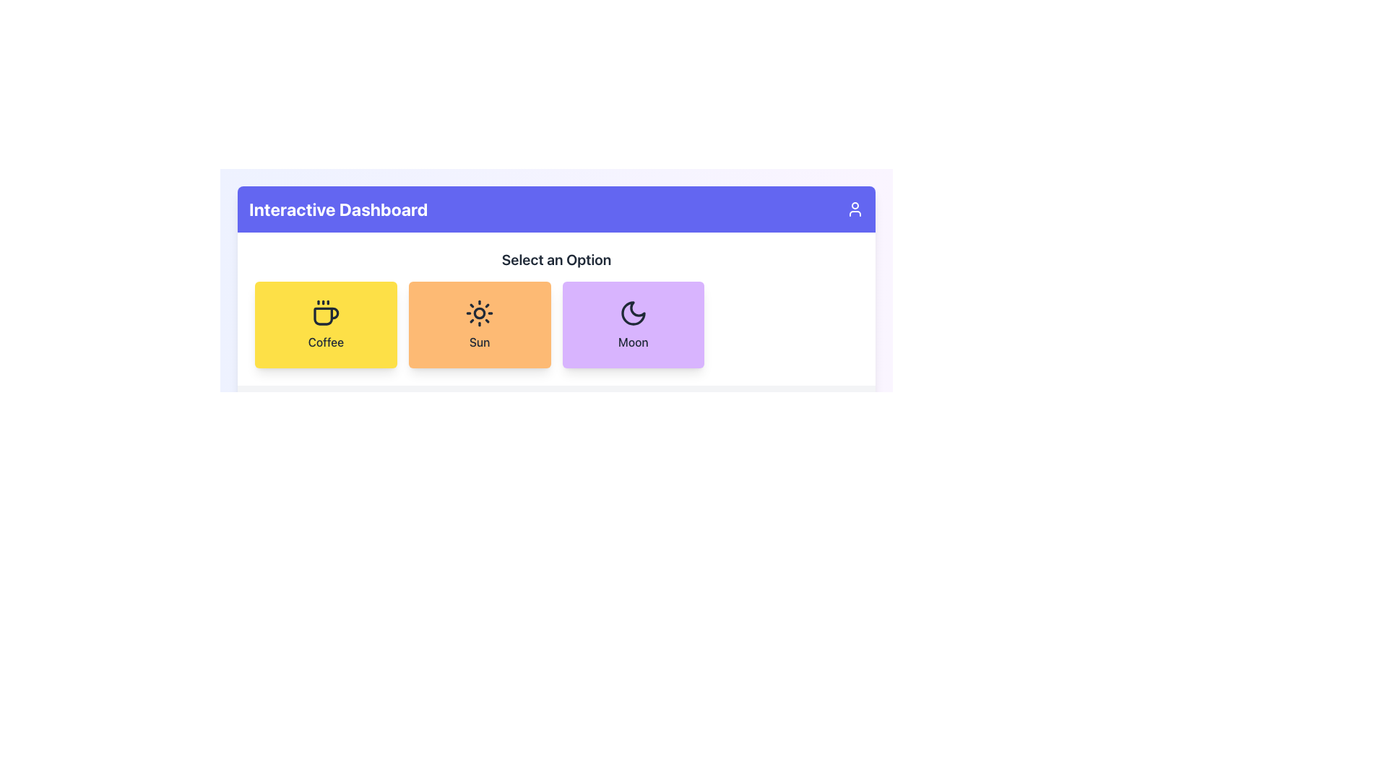  I want to click on the button labeled 'Sun', so click(480, 325).